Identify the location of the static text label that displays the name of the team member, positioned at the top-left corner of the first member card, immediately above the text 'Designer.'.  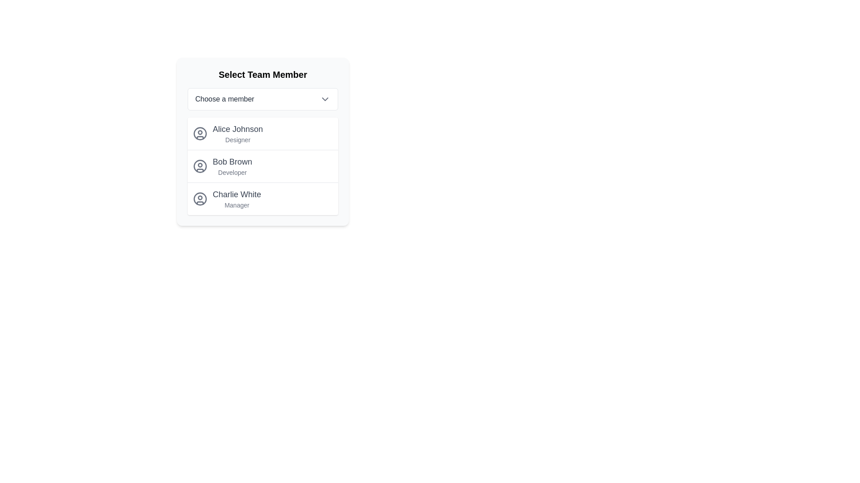
(238, 129).